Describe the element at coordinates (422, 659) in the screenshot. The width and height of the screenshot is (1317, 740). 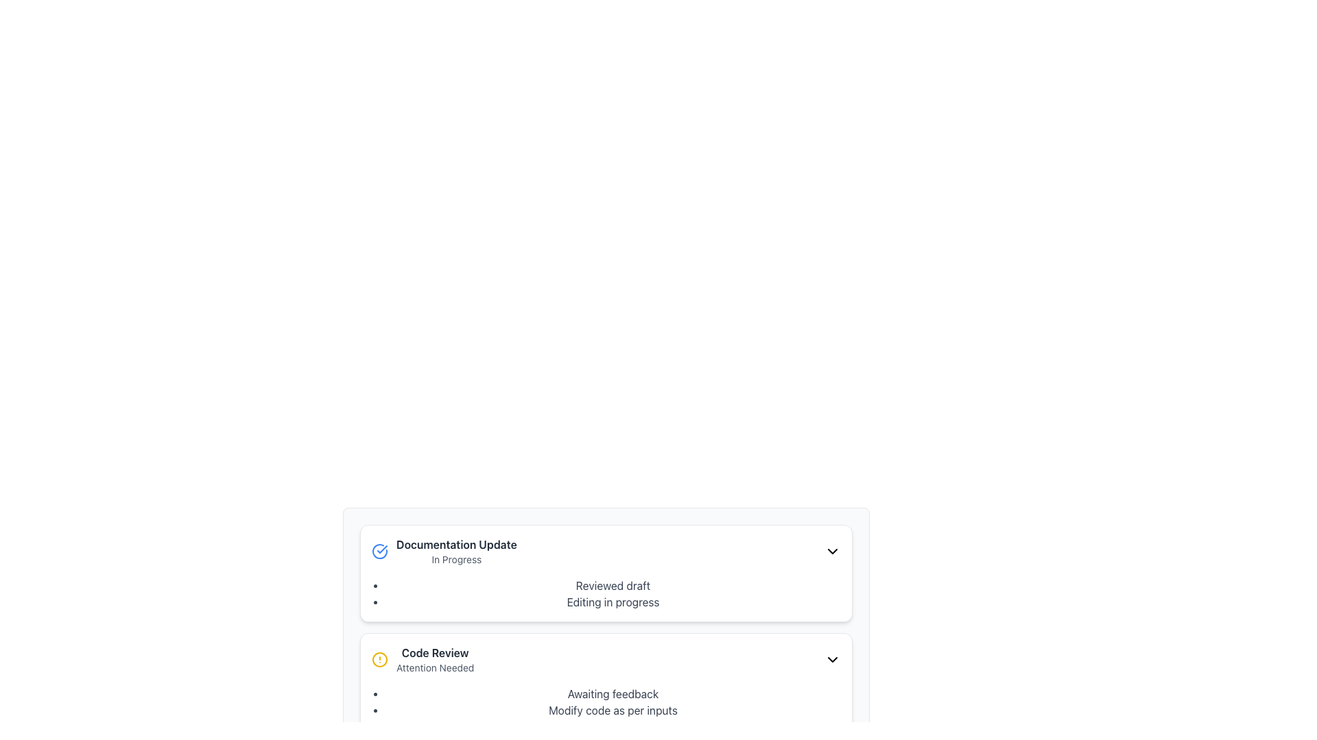
I see `the 'Code Review' text block with the adjacent yellow alert icon` at that location.